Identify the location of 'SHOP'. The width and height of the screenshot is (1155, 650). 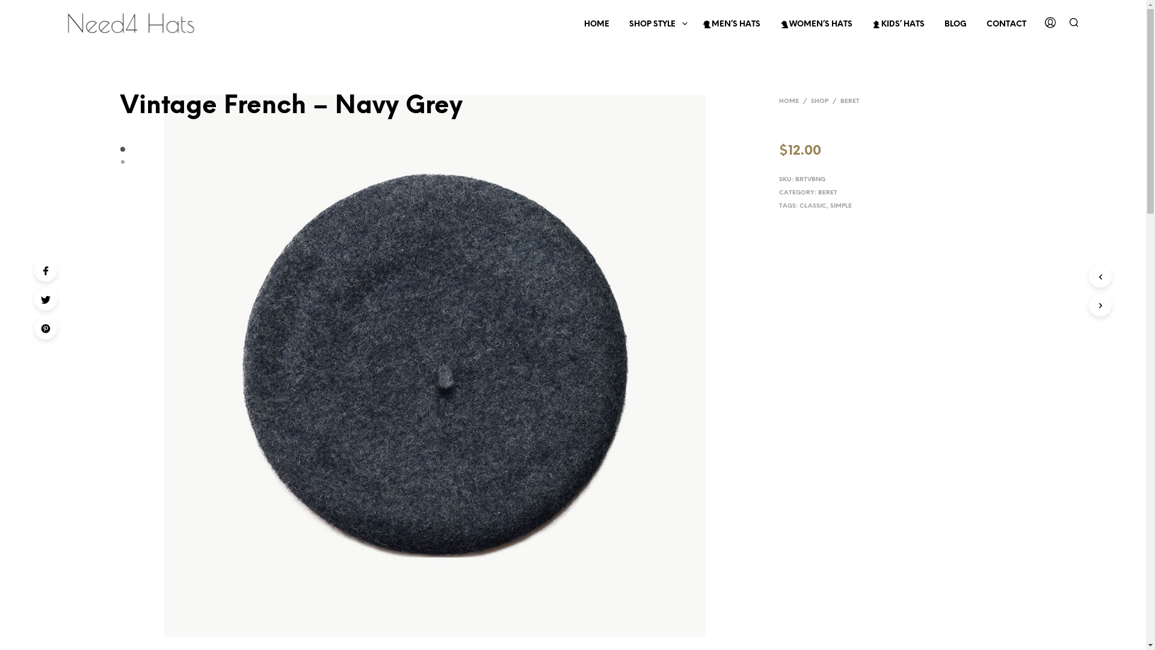
(819, 101).